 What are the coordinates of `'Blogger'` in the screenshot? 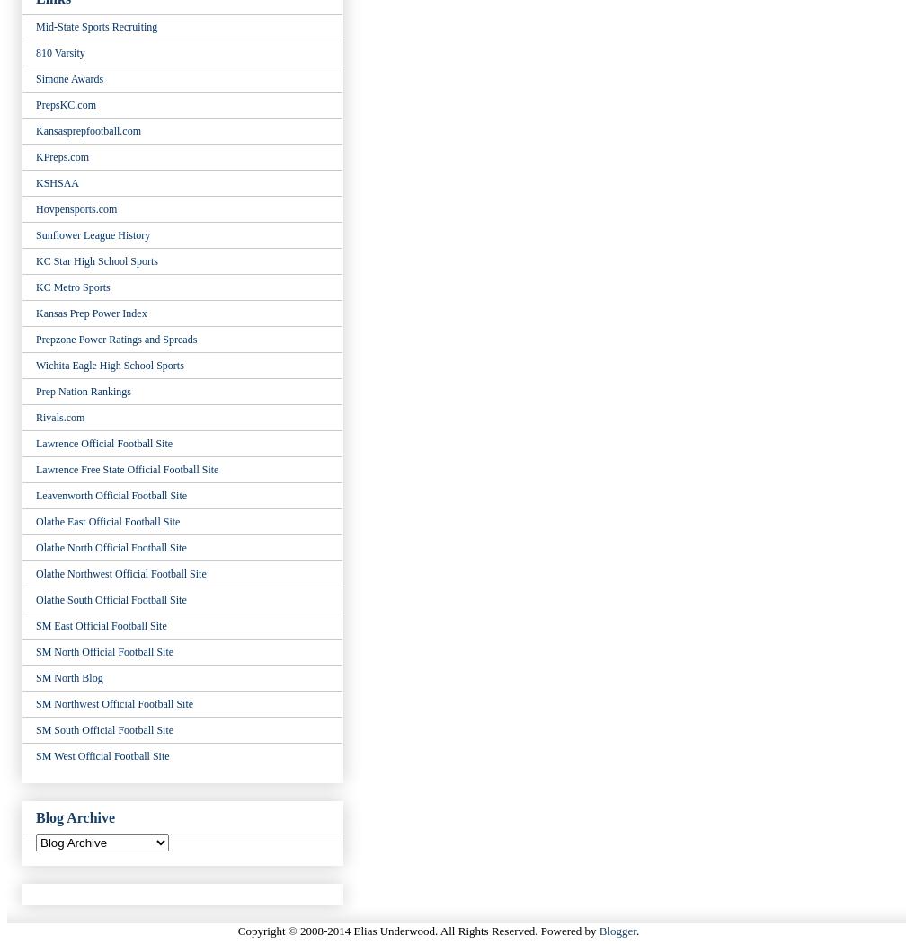 It's located at (617, 930).